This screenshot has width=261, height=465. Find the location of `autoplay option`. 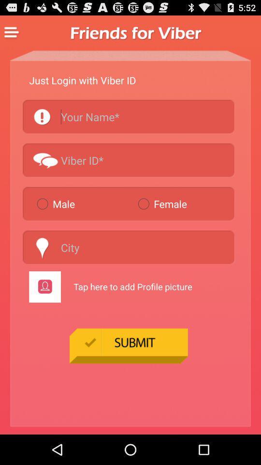

autoplay option is located at coordinates (129, 116).